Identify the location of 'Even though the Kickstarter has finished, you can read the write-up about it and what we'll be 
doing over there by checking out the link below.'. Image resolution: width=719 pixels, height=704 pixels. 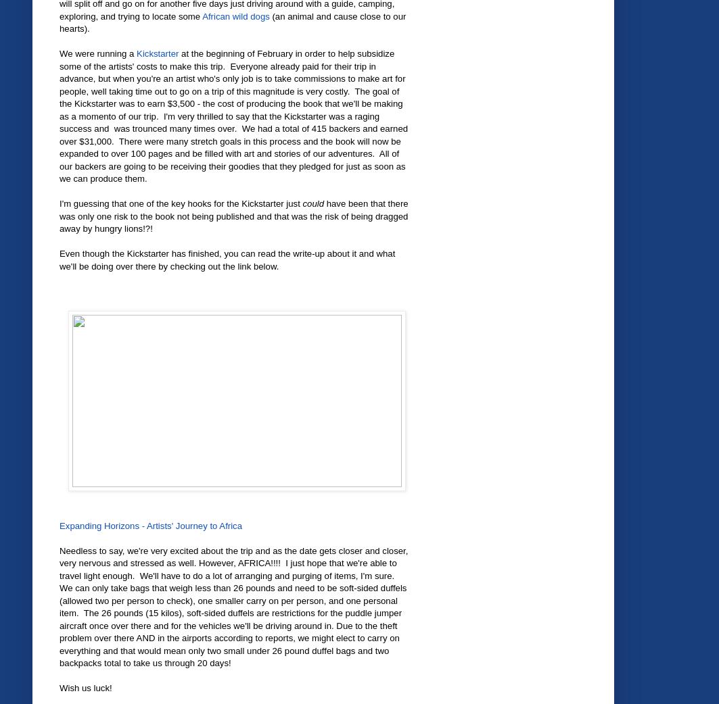
(227, 259).